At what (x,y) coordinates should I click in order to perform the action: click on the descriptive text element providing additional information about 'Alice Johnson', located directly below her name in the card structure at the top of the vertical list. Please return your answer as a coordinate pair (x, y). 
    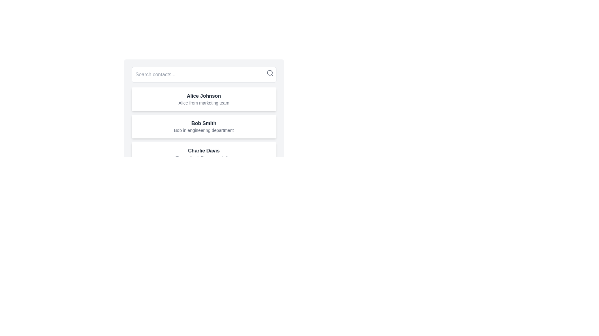
    Looking at the image, I should click on (204, 103).